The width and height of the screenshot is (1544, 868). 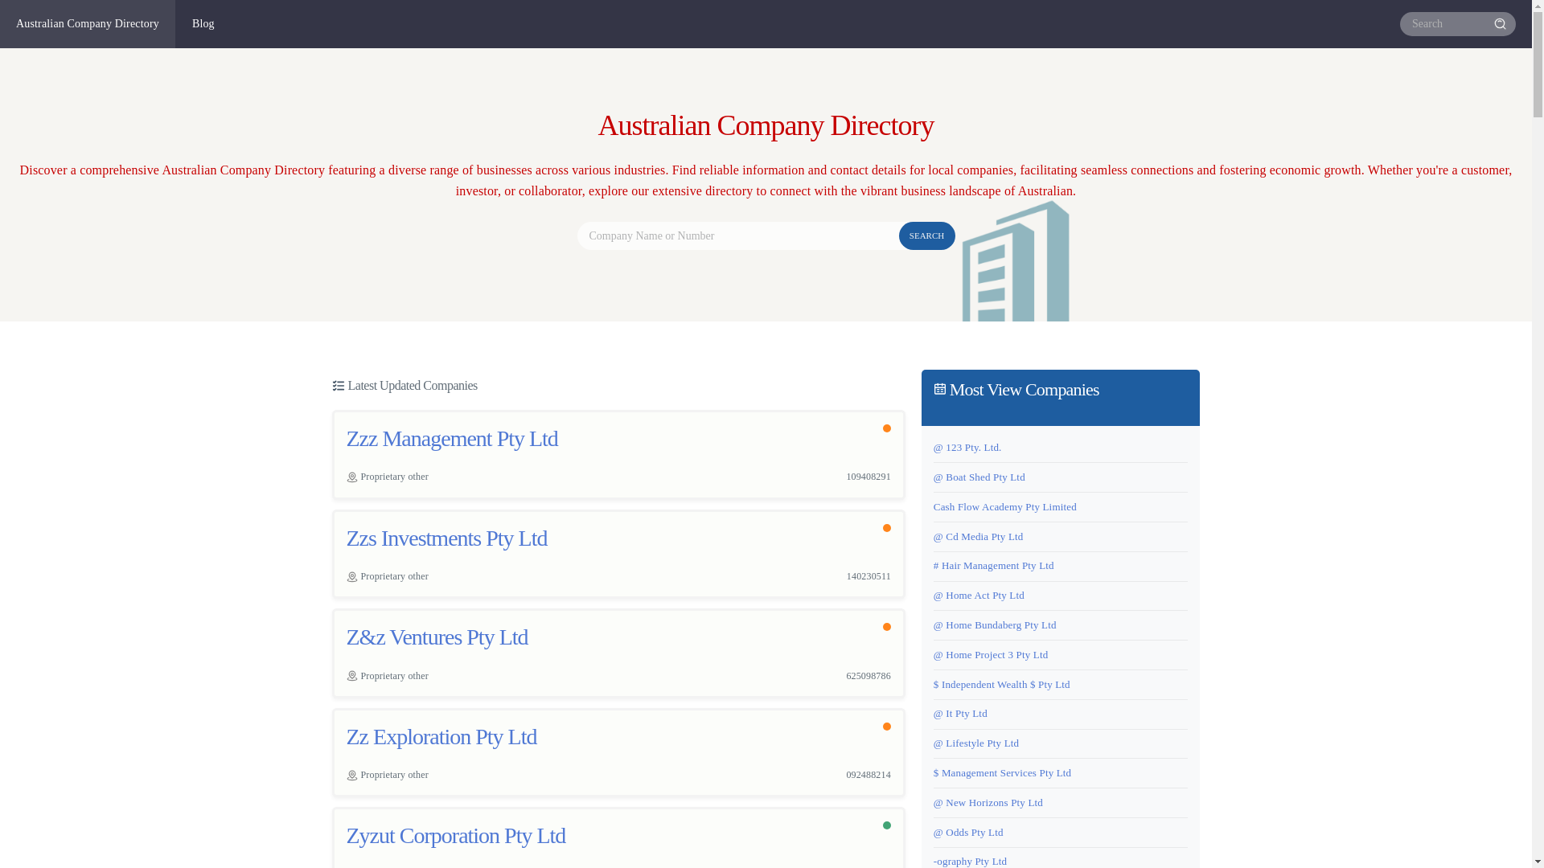 What do you see at coordinates (926, 235) in the screenshot?
I see `'SEARCH'` at bounding box center [926, 235].